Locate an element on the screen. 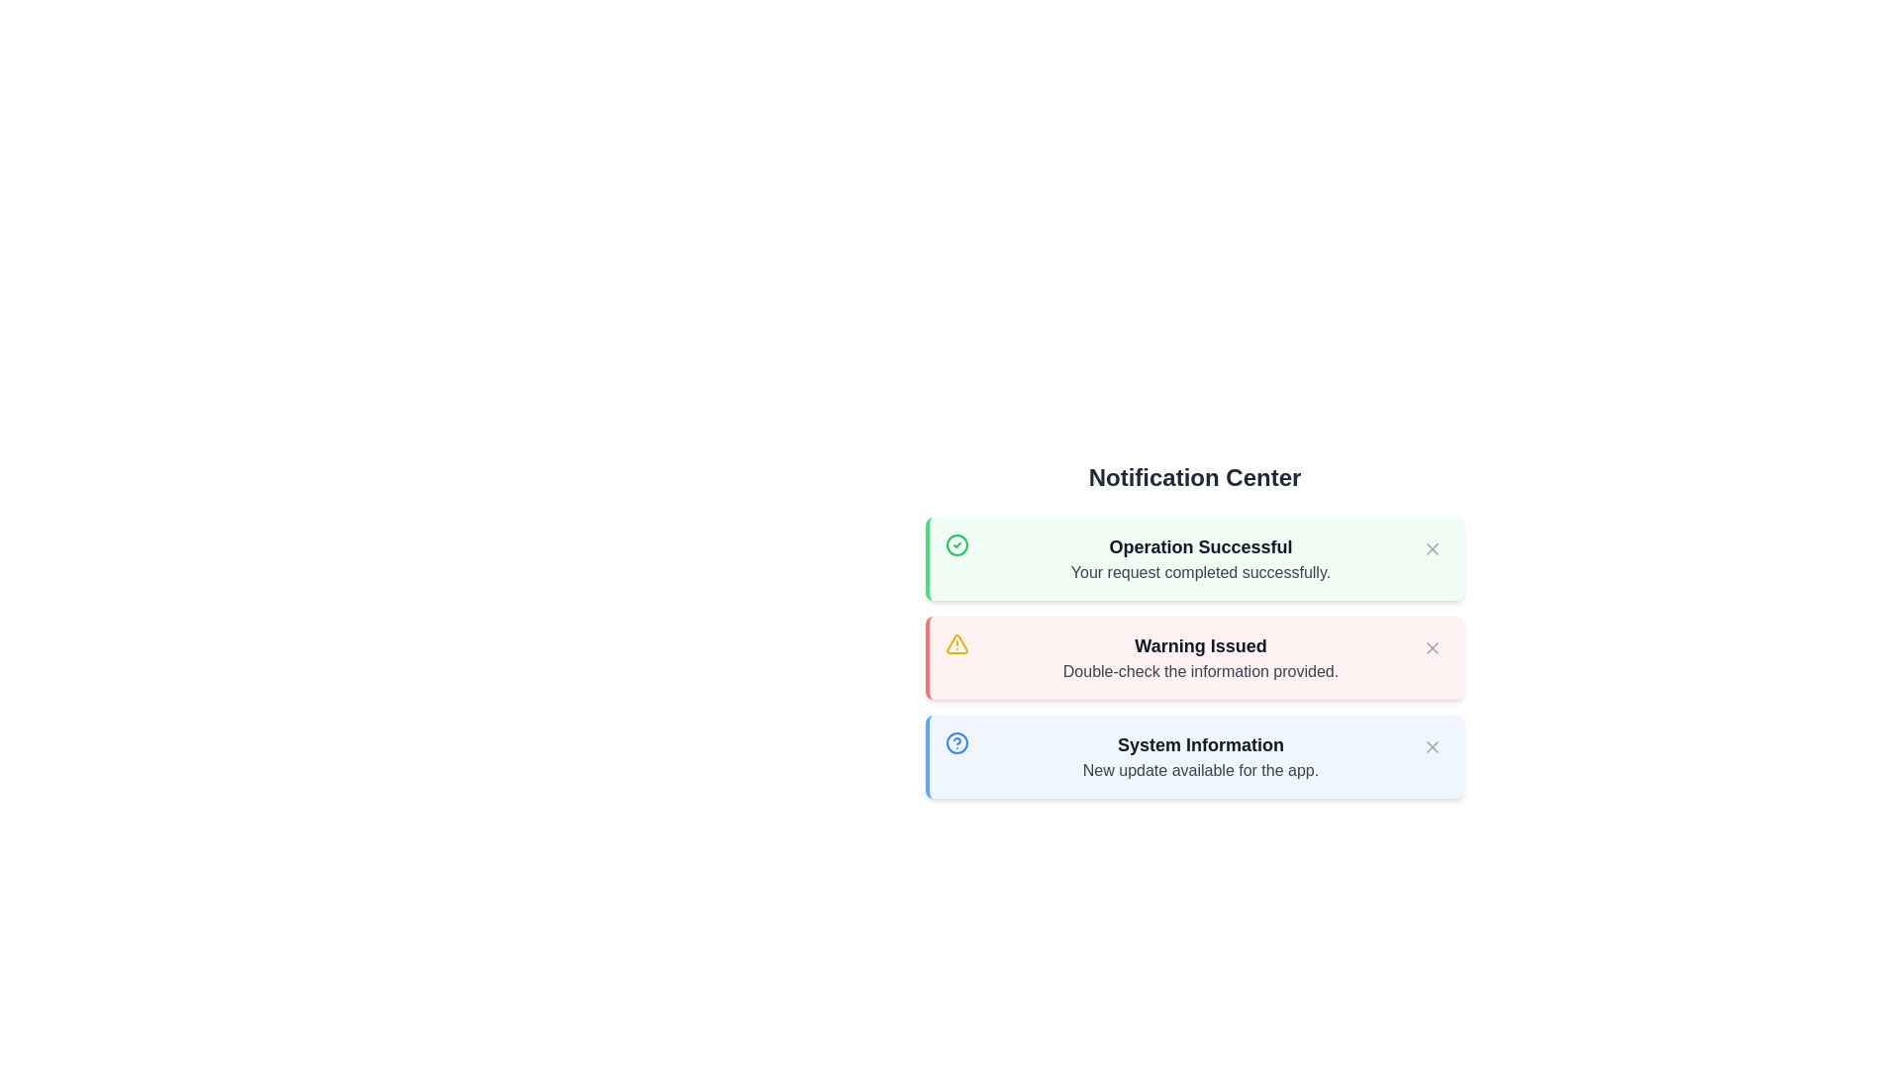 Image resolution: width=1901 pixels, height=1069 pixels. the dismiss button located at the top-right corner of the 'Warning Issued' notification card is located at coordinates (1432, 648).